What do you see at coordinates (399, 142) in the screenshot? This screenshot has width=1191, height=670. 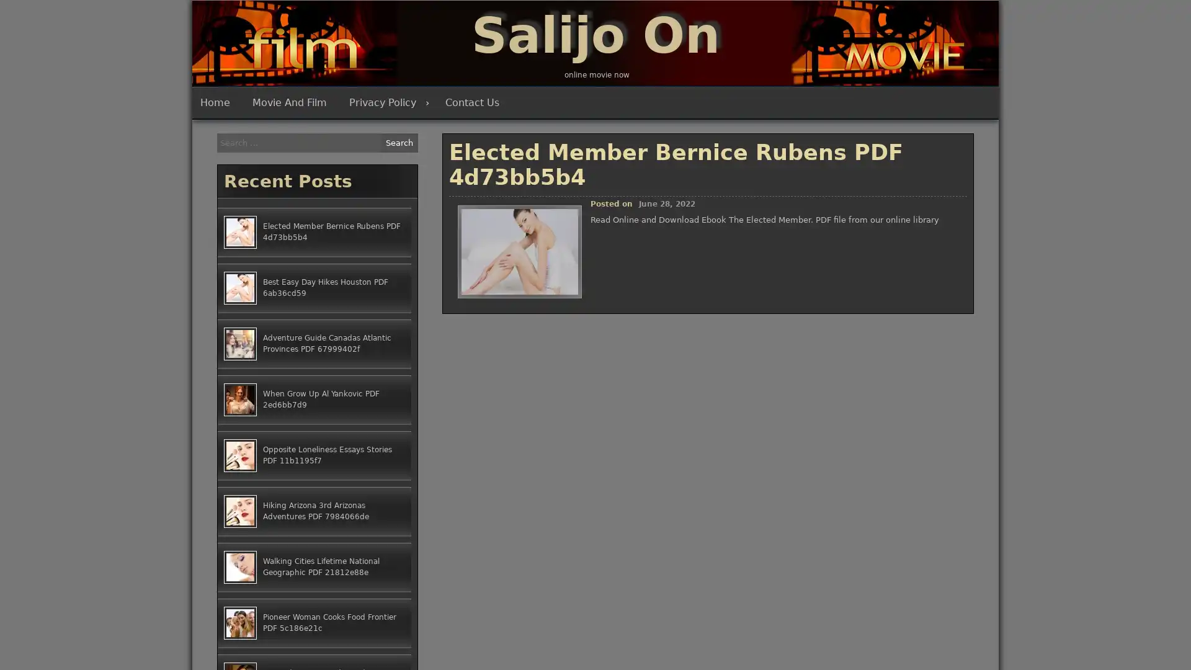 I see `Search` at bounding box center [399, 142].